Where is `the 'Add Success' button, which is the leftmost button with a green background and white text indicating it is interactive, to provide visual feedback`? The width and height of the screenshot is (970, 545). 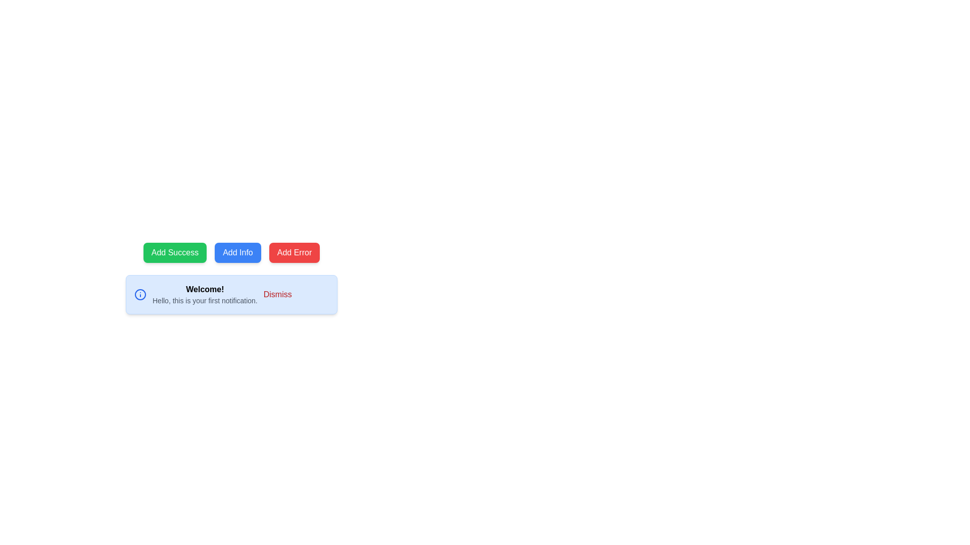 the 'Add Success' button, which is the leftmost button with a green background and white text indicating it is interactive, to provide visual feedback is located at coordinates (175, 252).